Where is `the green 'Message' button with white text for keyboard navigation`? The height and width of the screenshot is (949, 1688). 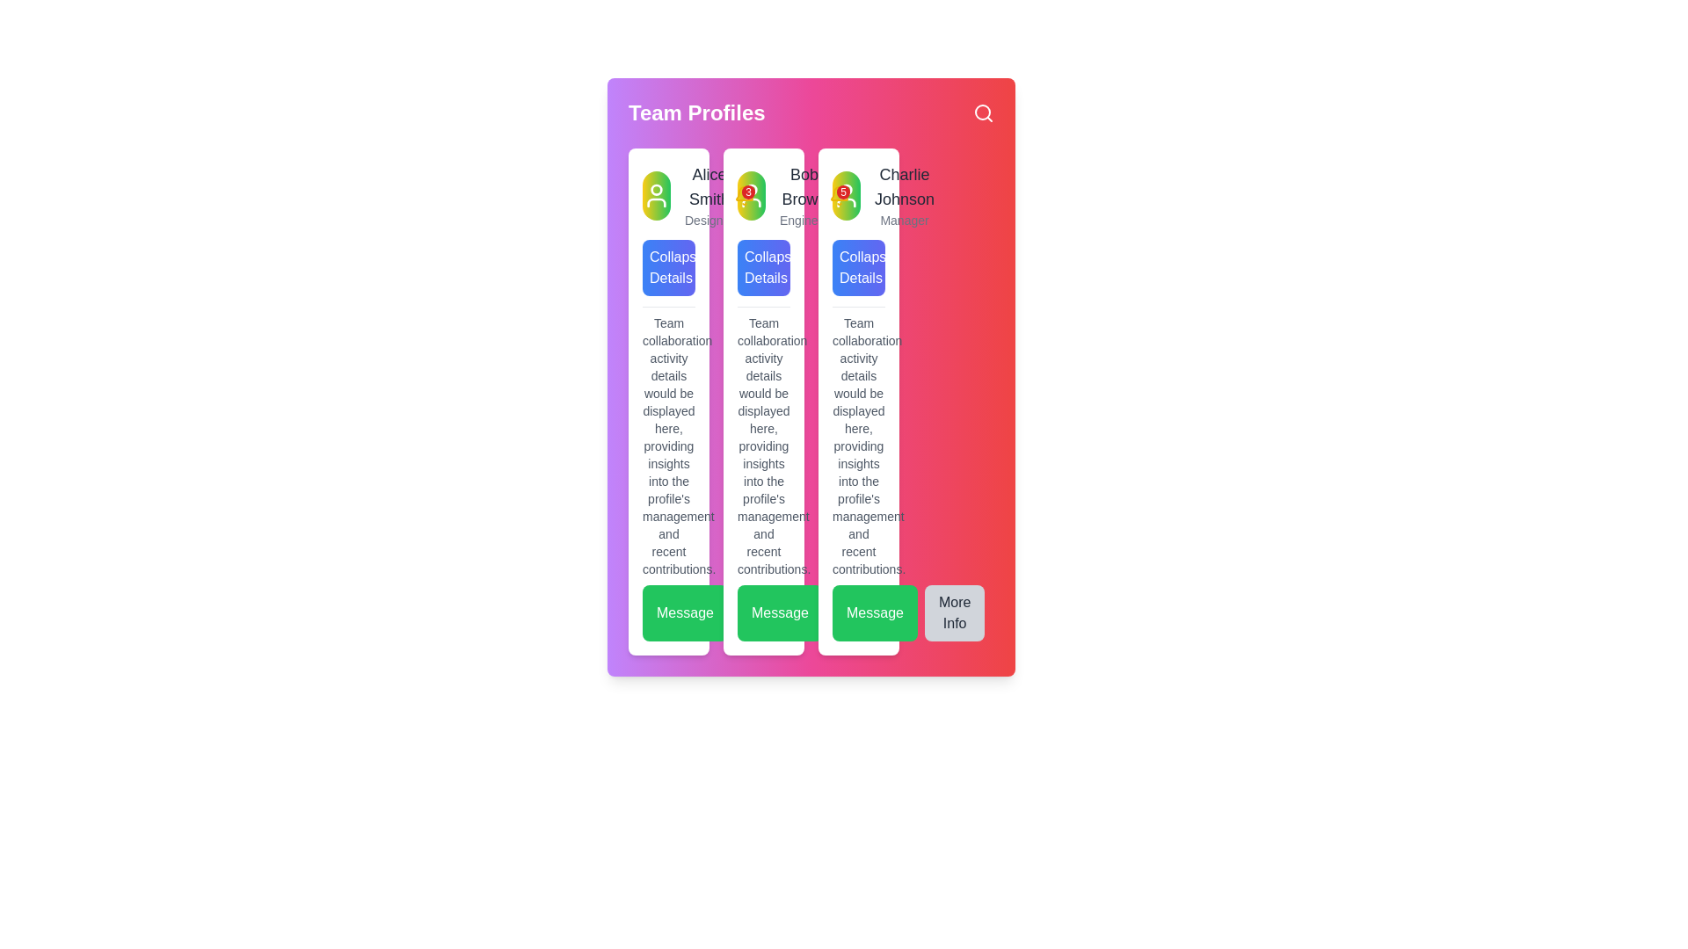 the green 'Message' button with white text for keyboard navigation is located at coordinates (668, 612).